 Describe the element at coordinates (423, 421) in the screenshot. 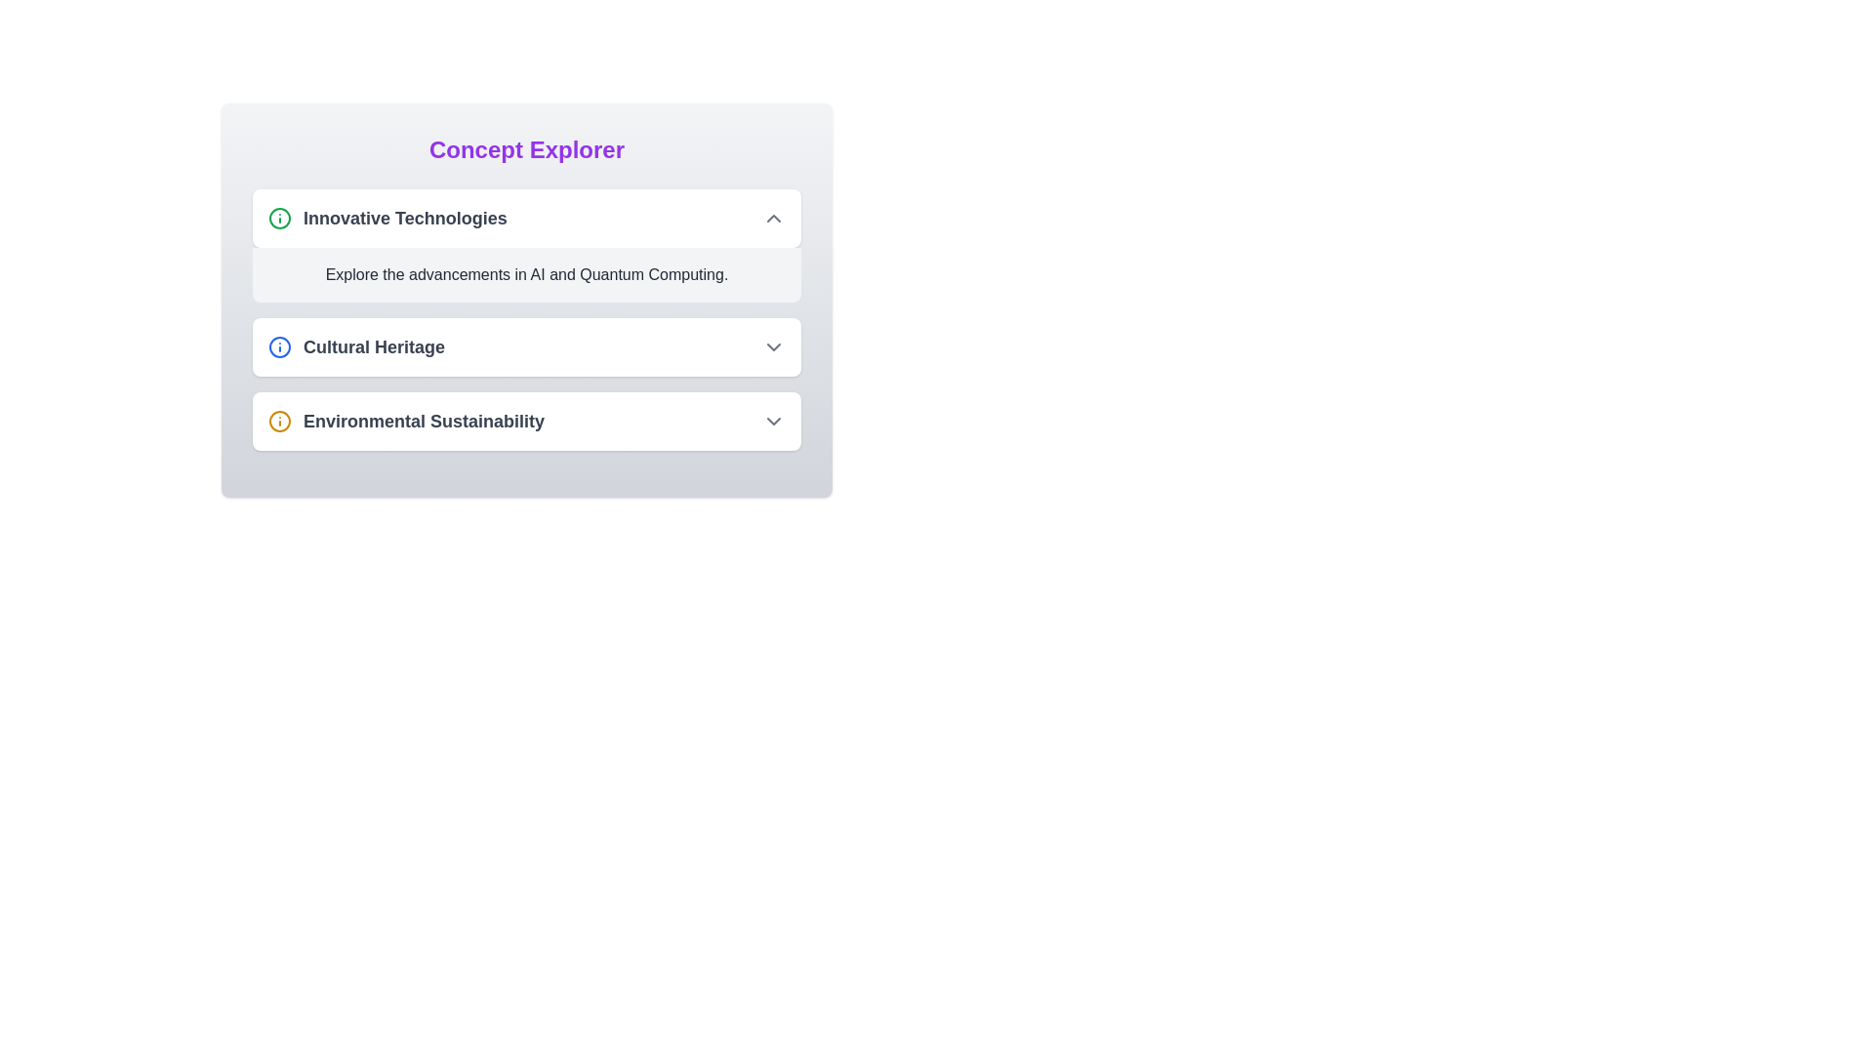

I see `the 'Environmental Sustainability' label, which is the third item in a vertical list of options` at that location.